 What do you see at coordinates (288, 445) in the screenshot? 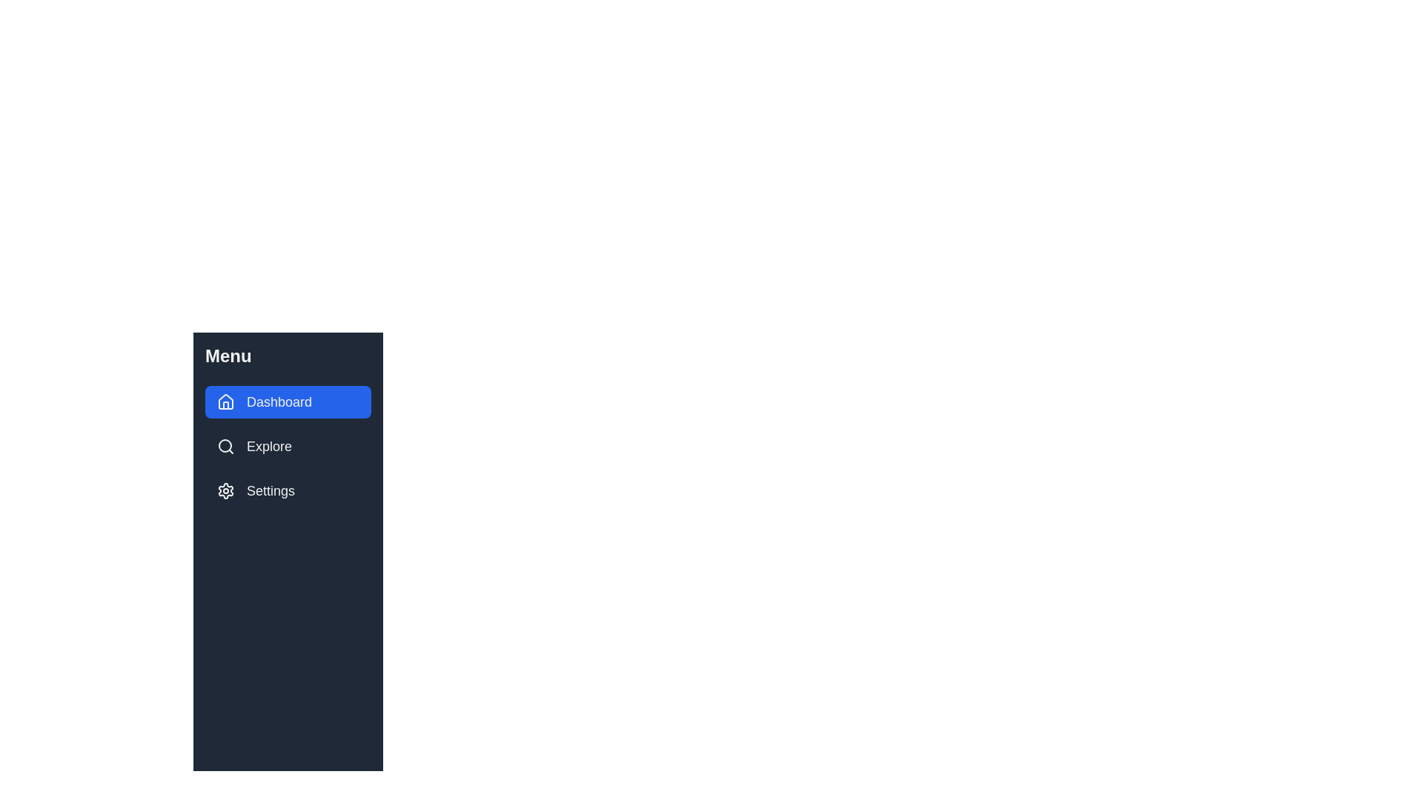
I see `the navigation button labeled 'Explore', which is located in the vertical navigation panel, second from the top, just below the 'Dashboard' button` at bounding box center [288, 445].